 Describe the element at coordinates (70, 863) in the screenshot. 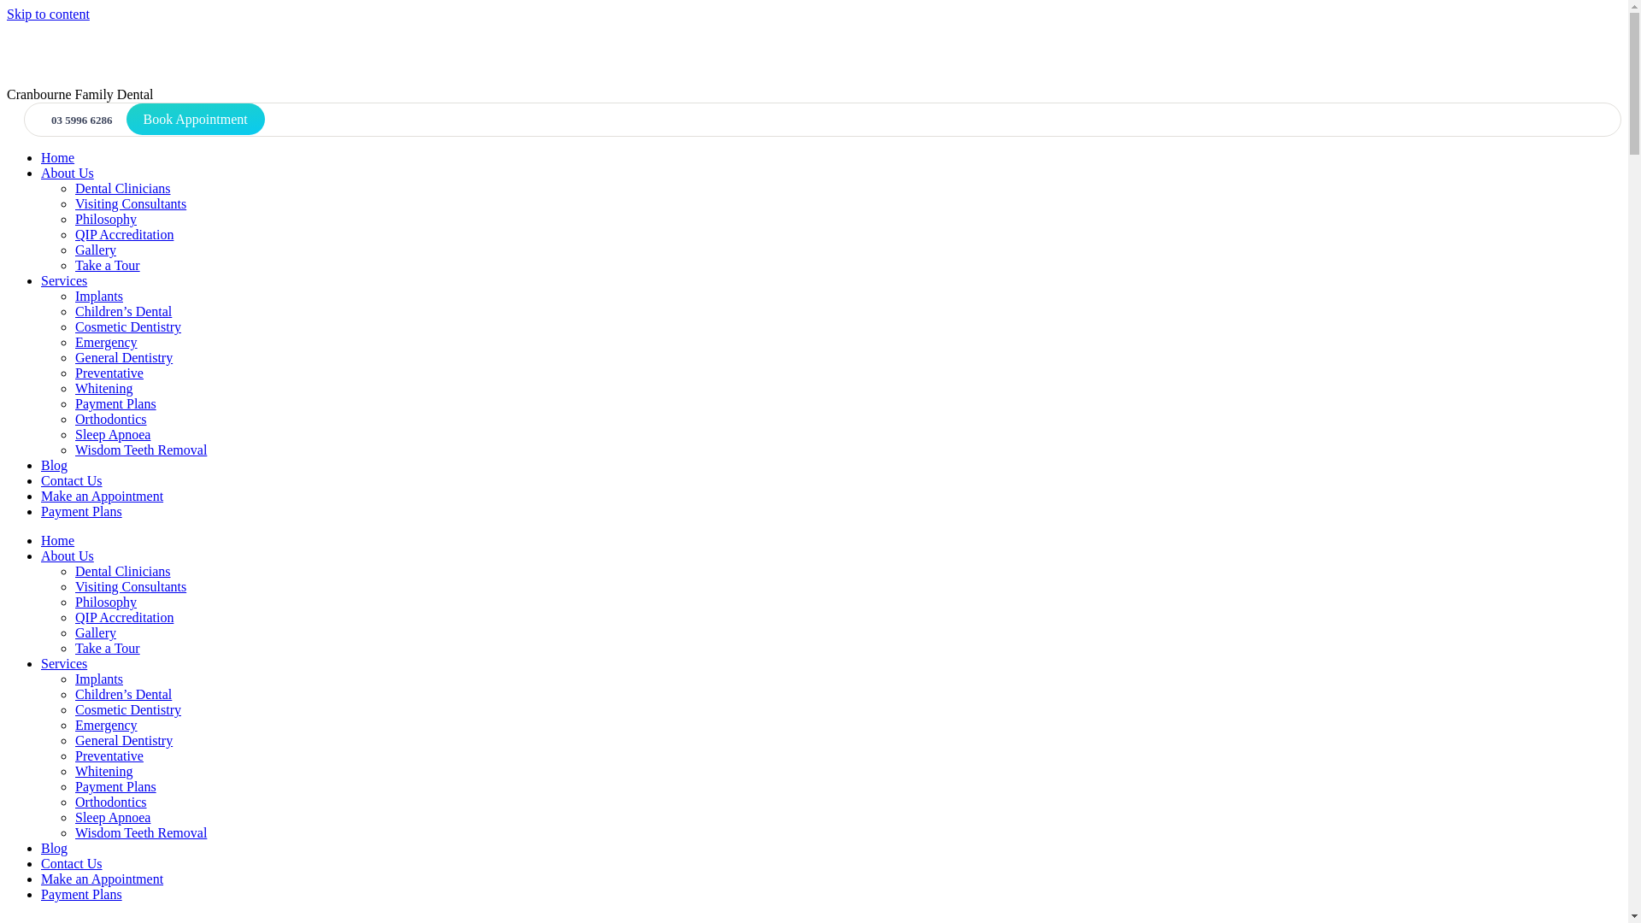

I see `'Contact Us'` at that location.